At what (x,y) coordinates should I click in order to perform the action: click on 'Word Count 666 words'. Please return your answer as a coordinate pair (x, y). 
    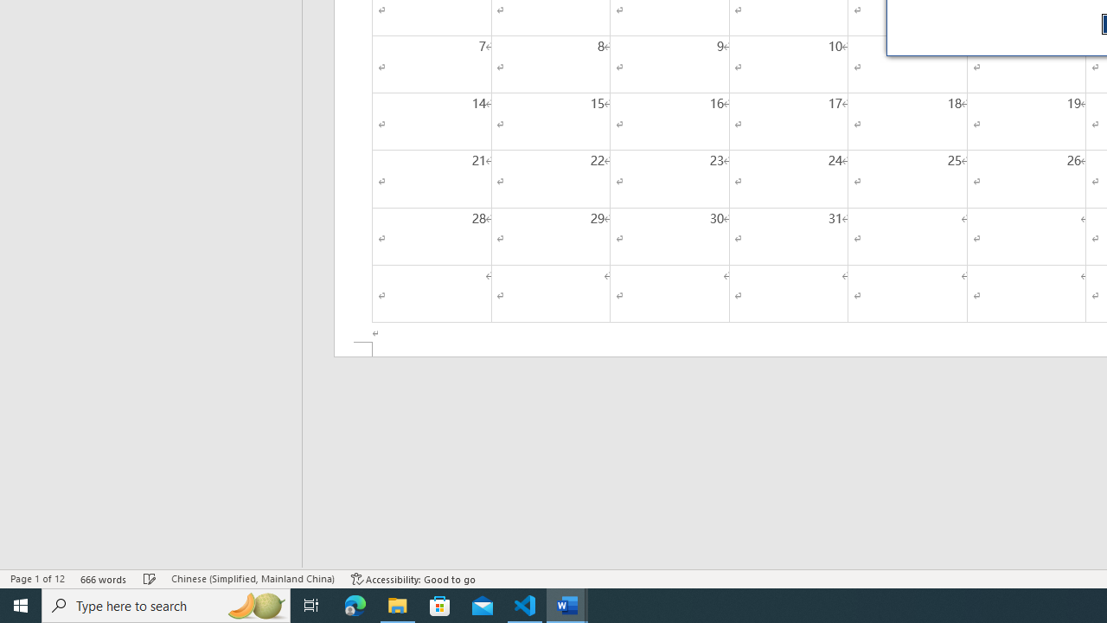
    Looking at the image, I should click on (103, 579).